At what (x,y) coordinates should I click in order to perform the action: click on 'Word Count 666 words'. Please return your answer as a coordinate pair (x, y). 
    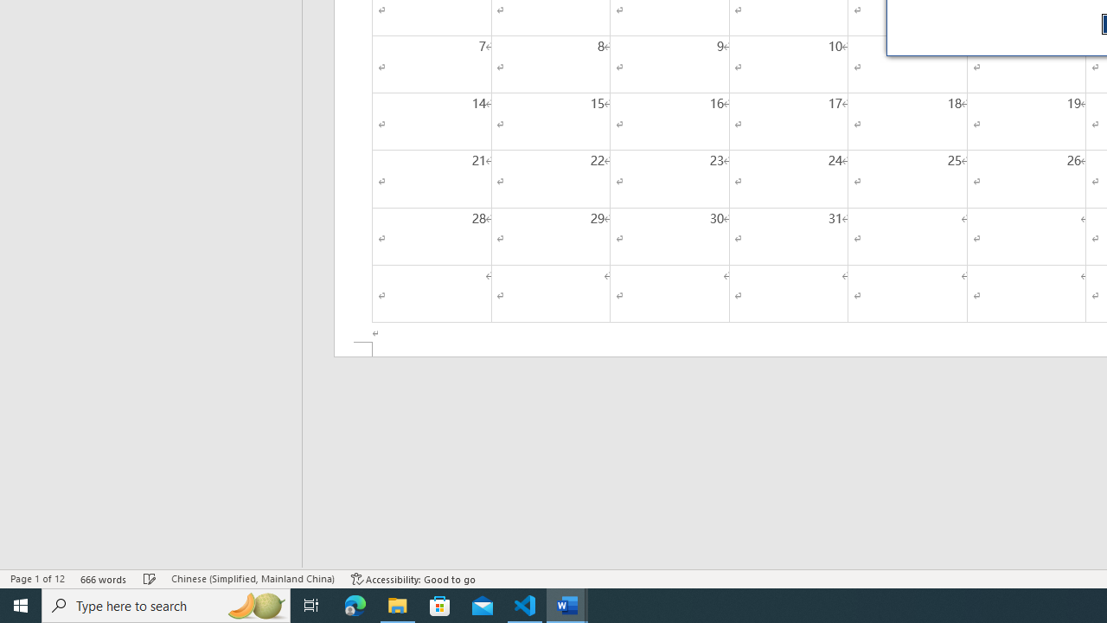
    Looking at the image, I should click on (103, 579).